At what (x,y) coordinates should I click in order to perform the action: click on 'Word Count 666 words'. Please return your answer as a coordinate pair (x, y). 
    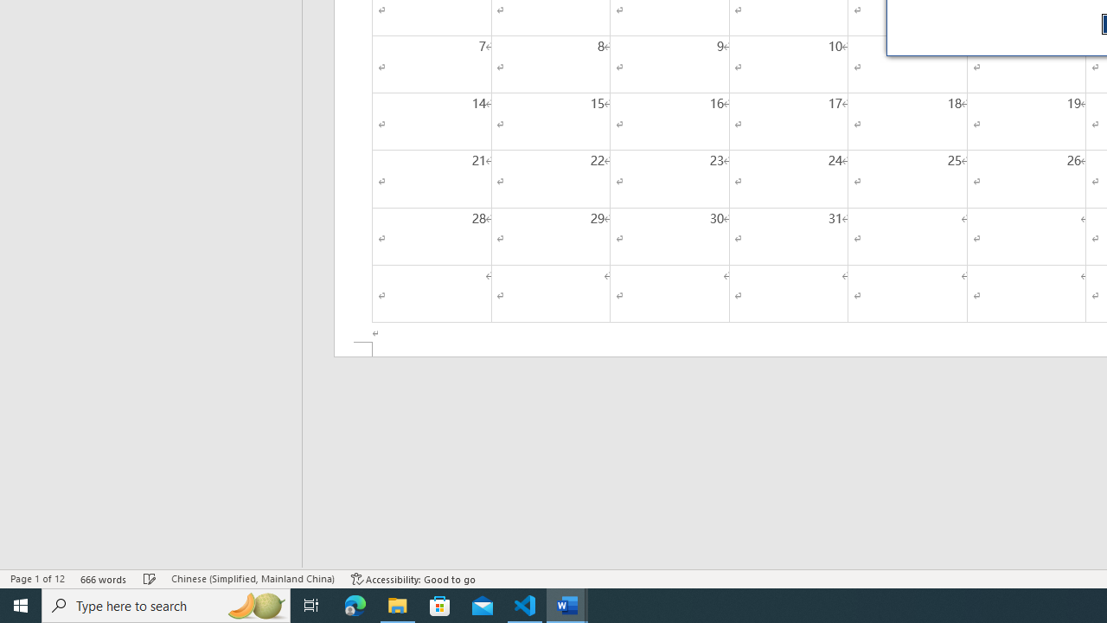
    Looking at the image, I should click on (103, 579).